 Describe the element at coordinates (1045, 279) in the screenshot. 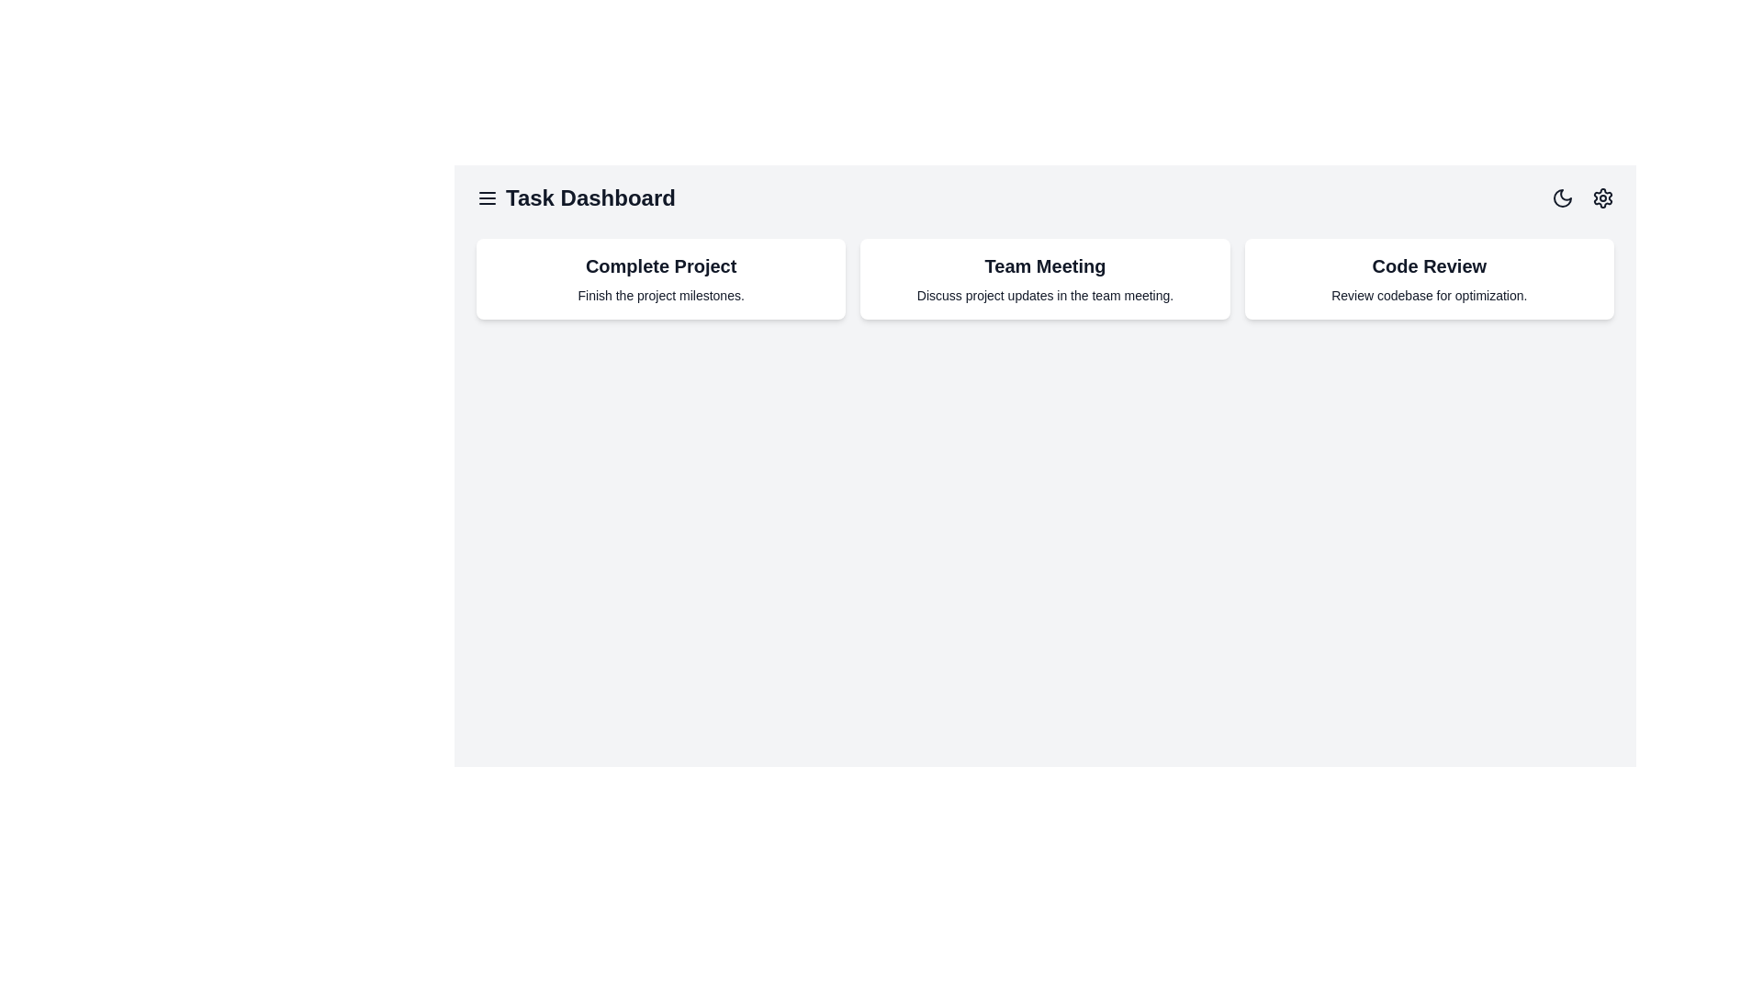

I see `the second Informational Card in the Task Dashboard` at that location.